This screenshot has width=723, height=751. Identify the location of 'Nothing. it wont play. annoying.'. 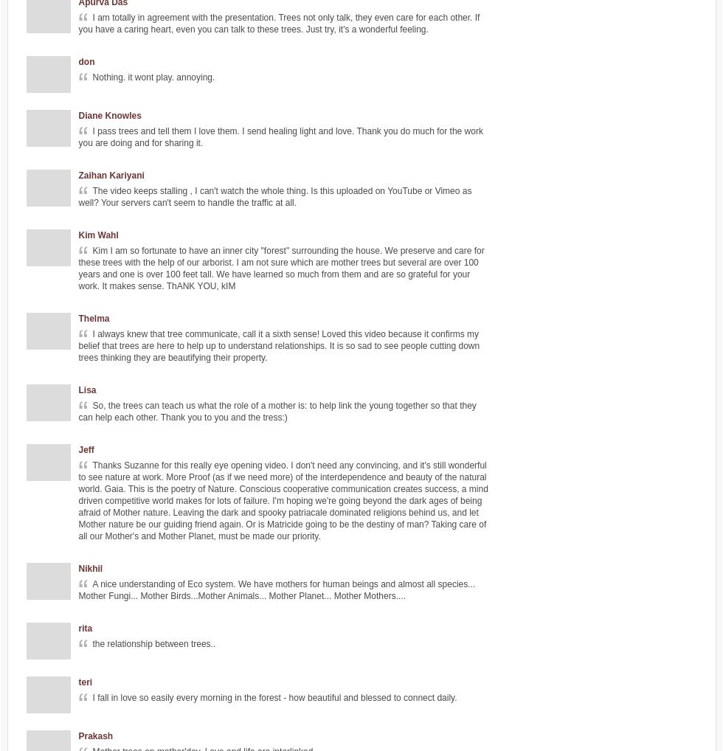
(153, 76).